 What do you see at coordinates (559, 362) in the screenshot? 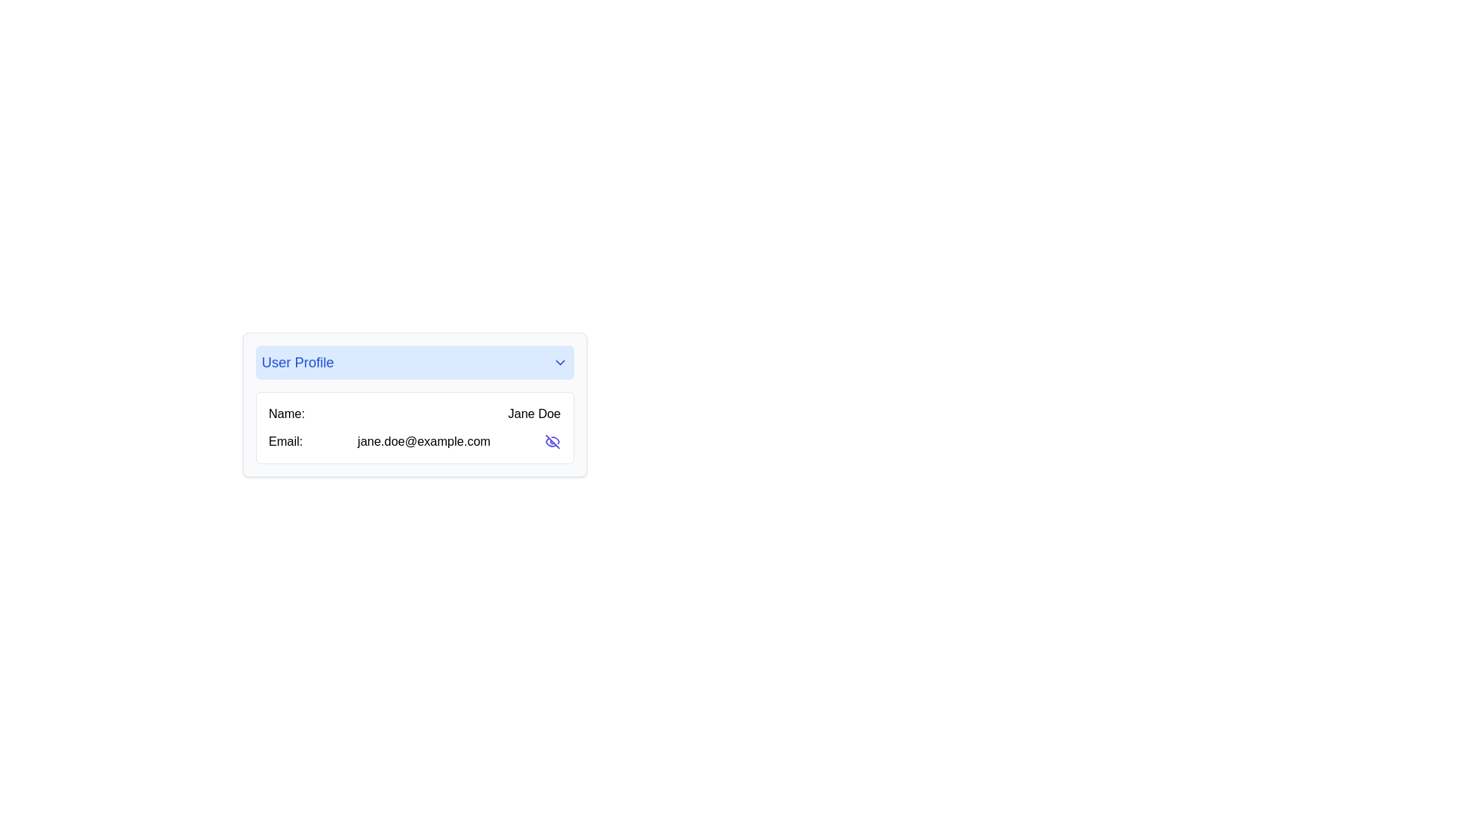
I see `the chevron icon in the top-right corner of the 'User Profile' section` at bounding box center [559, 362].